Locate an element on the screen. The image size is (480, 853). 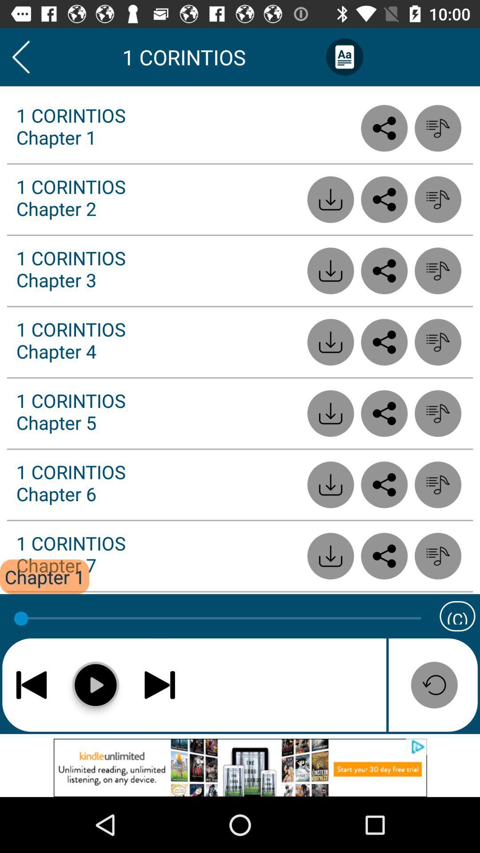
list optioon is located at coordinates (437, 199).